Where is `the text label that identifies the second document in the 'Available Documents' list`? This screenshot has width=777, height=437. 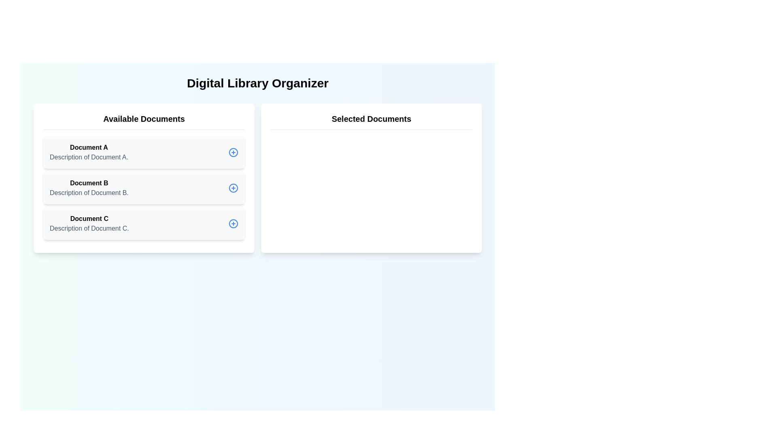
the text label that identifies the second document in the 'Available Documents' list is located at coordinates (89, 183).